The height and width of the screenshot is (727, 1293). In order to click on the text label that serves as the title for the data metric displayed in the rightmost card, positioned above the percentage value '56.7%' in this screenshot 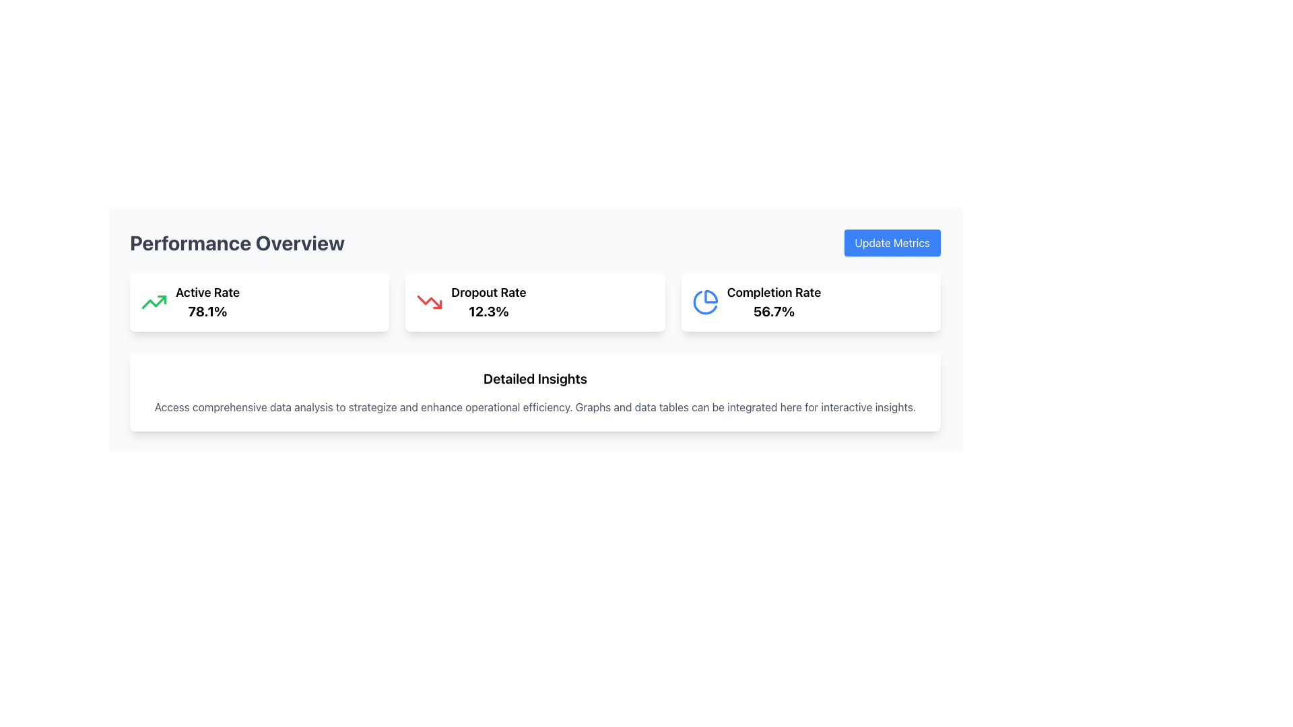, I will do `click(774, 292)`.